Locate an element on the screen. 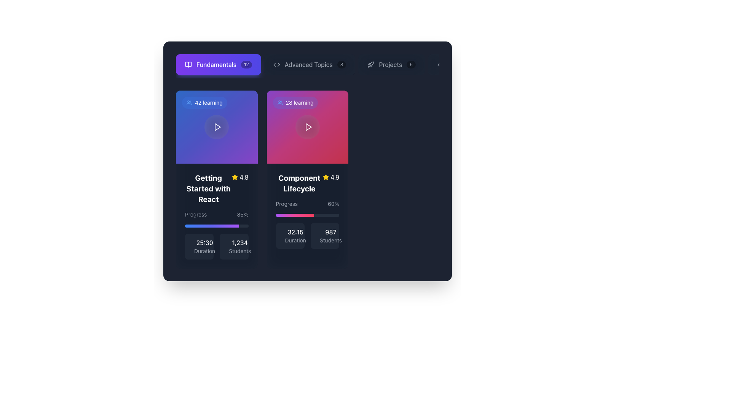 The image size is (731, 411). the circle element that represents the session duration within the clock icon located in the bottom section of the left card titled 'Getting Started with React' is located at coordinates (194, 248).